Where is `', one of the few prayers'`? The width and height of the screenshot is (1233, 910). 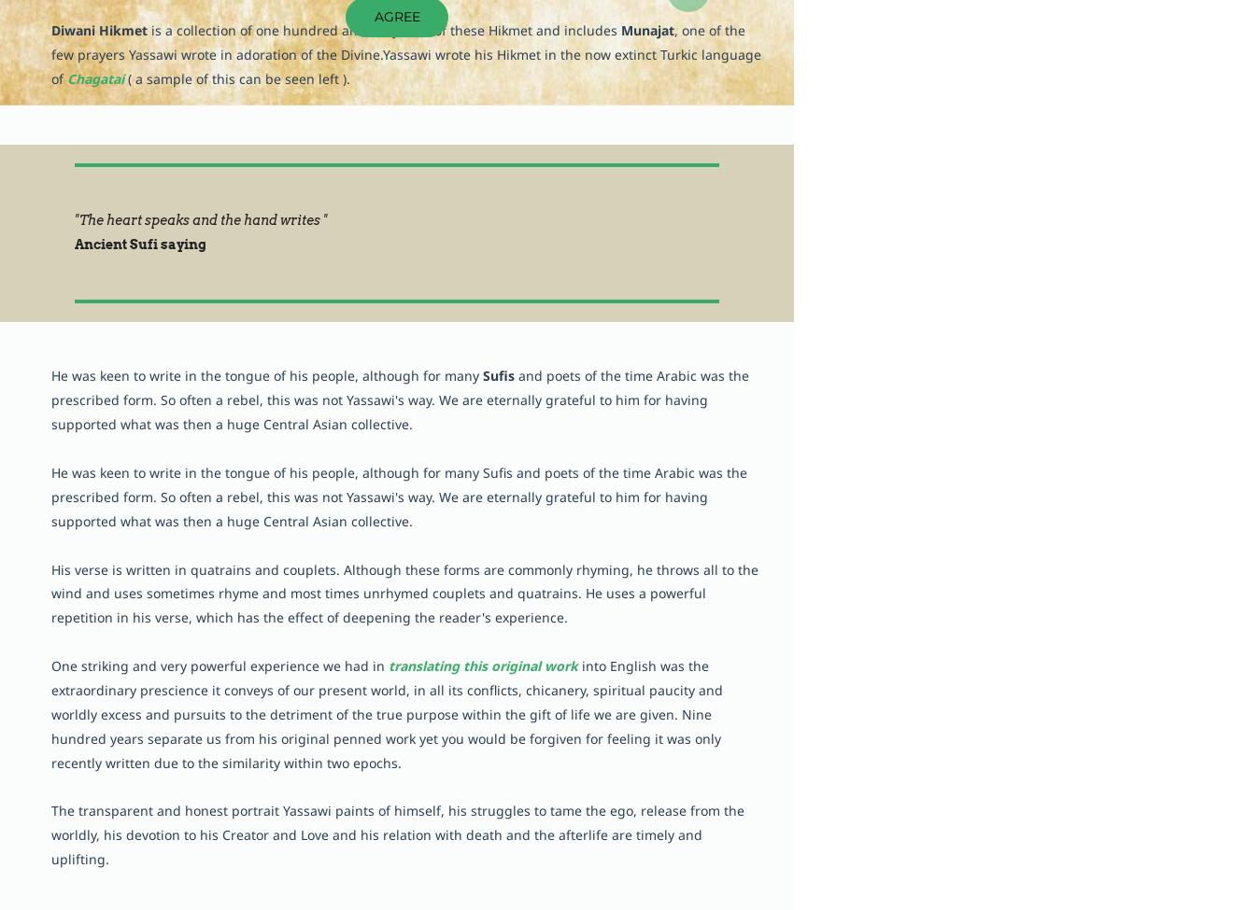
', one of the few prayers' is located at coordinates (50, 42).